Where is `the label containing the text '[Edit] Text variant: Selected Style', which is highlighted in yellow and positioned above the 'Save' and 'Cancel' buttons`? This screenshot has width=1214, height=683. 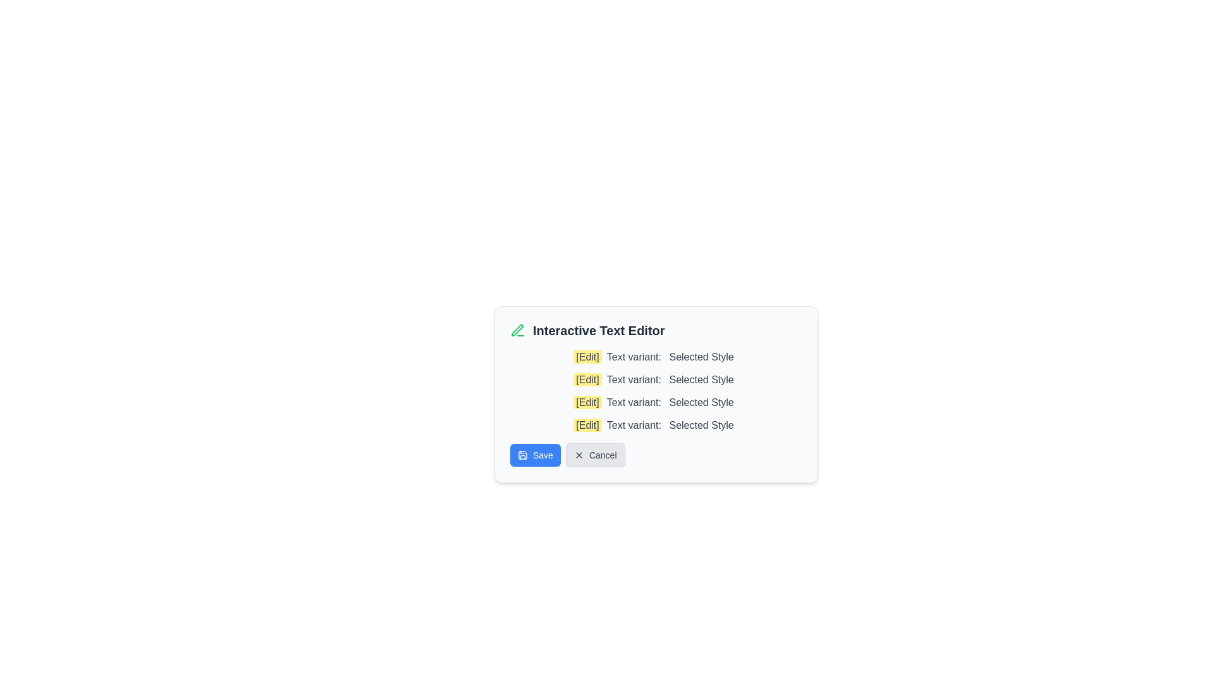 the label containing the text '[Edit] Text variant: Selected Style', which is highlighted in yellow and positioned above the 'Save' and 'Cancel' buttons is located at coordinates (656, 425).